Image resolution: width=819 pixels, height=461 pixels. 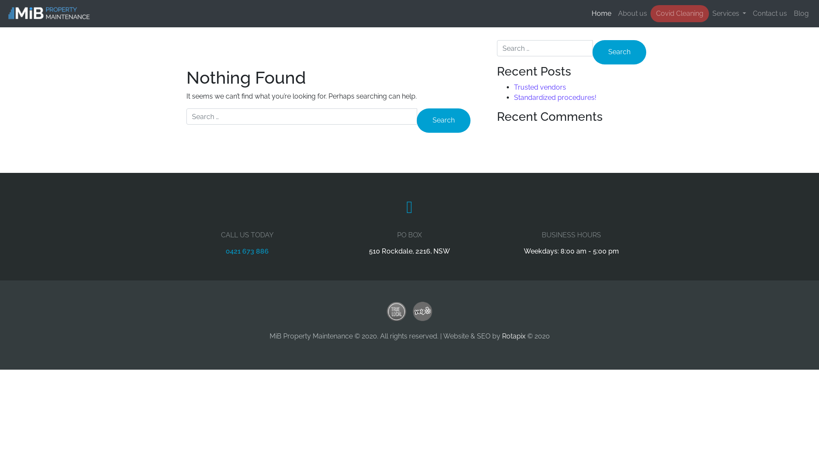 What do you see at coordinates (633, 13) in the screenshot?
I see `'About us'` at bounding box center [633, 13].